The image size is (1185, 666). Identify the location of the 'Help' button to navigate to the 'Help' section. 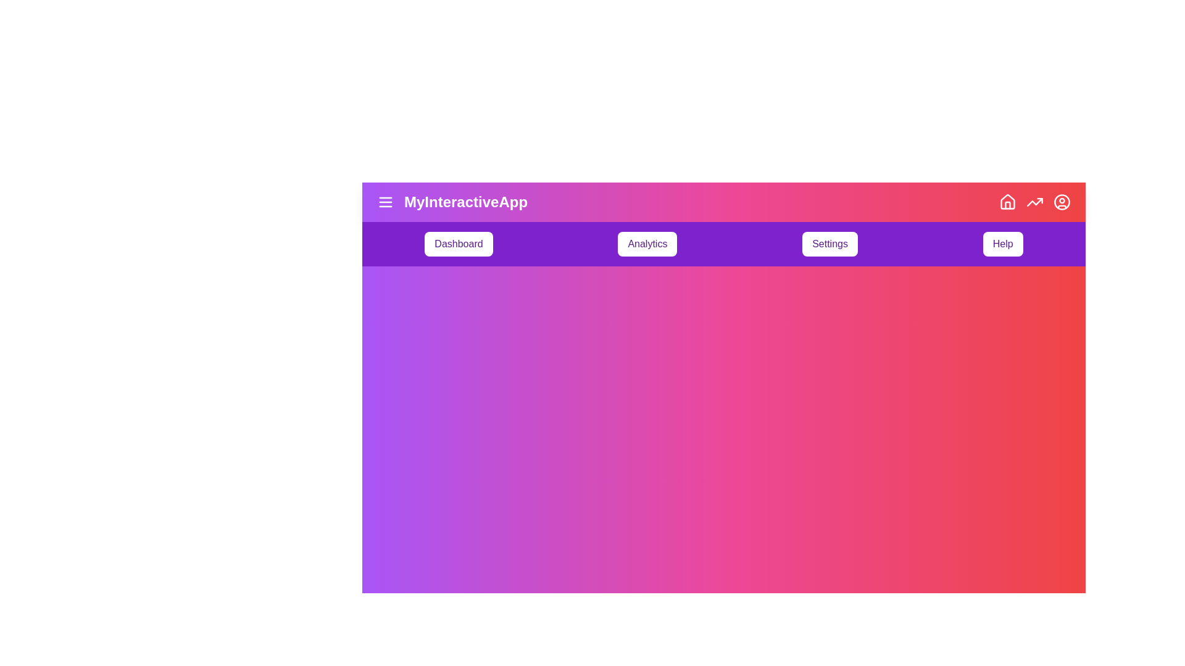
(1003, 244).